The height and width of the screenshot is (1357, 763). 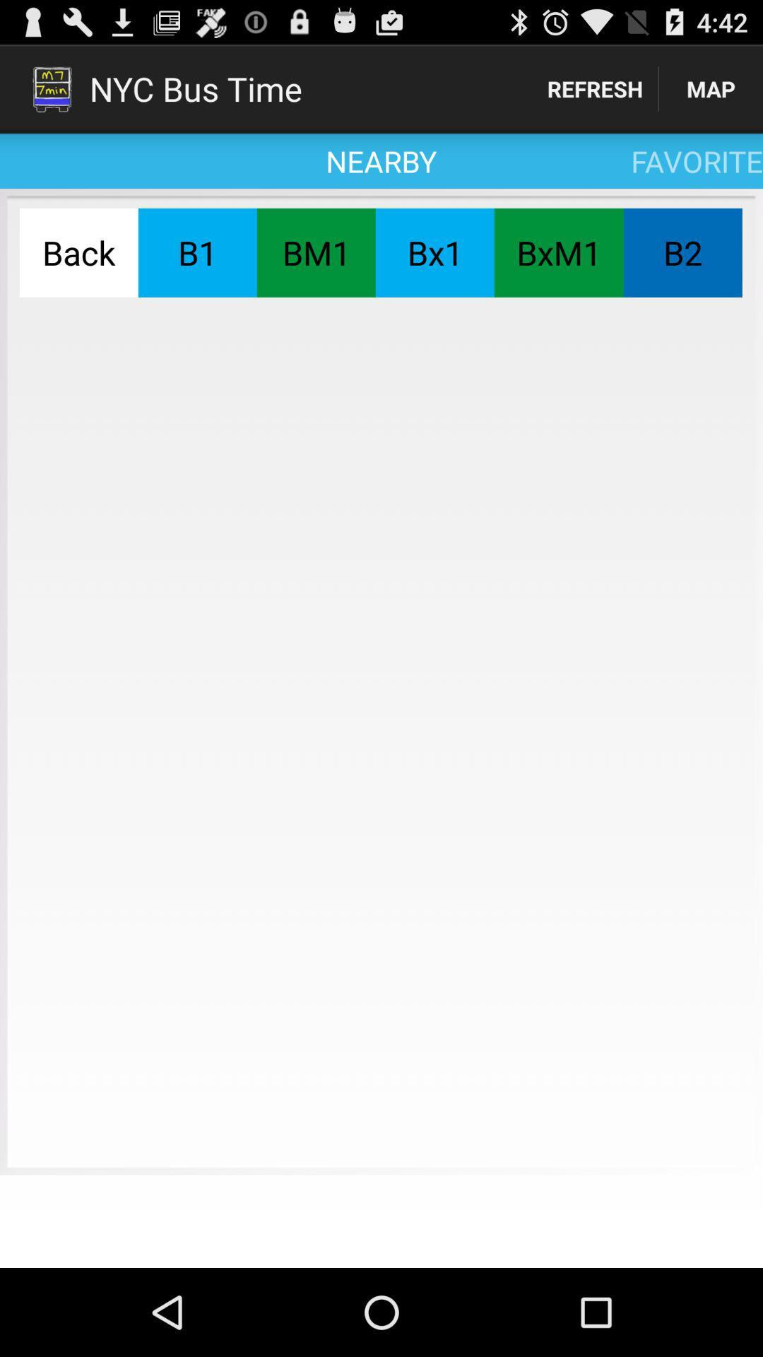 I want to click on the button next to the b2 button, so click(x=558, y=252).